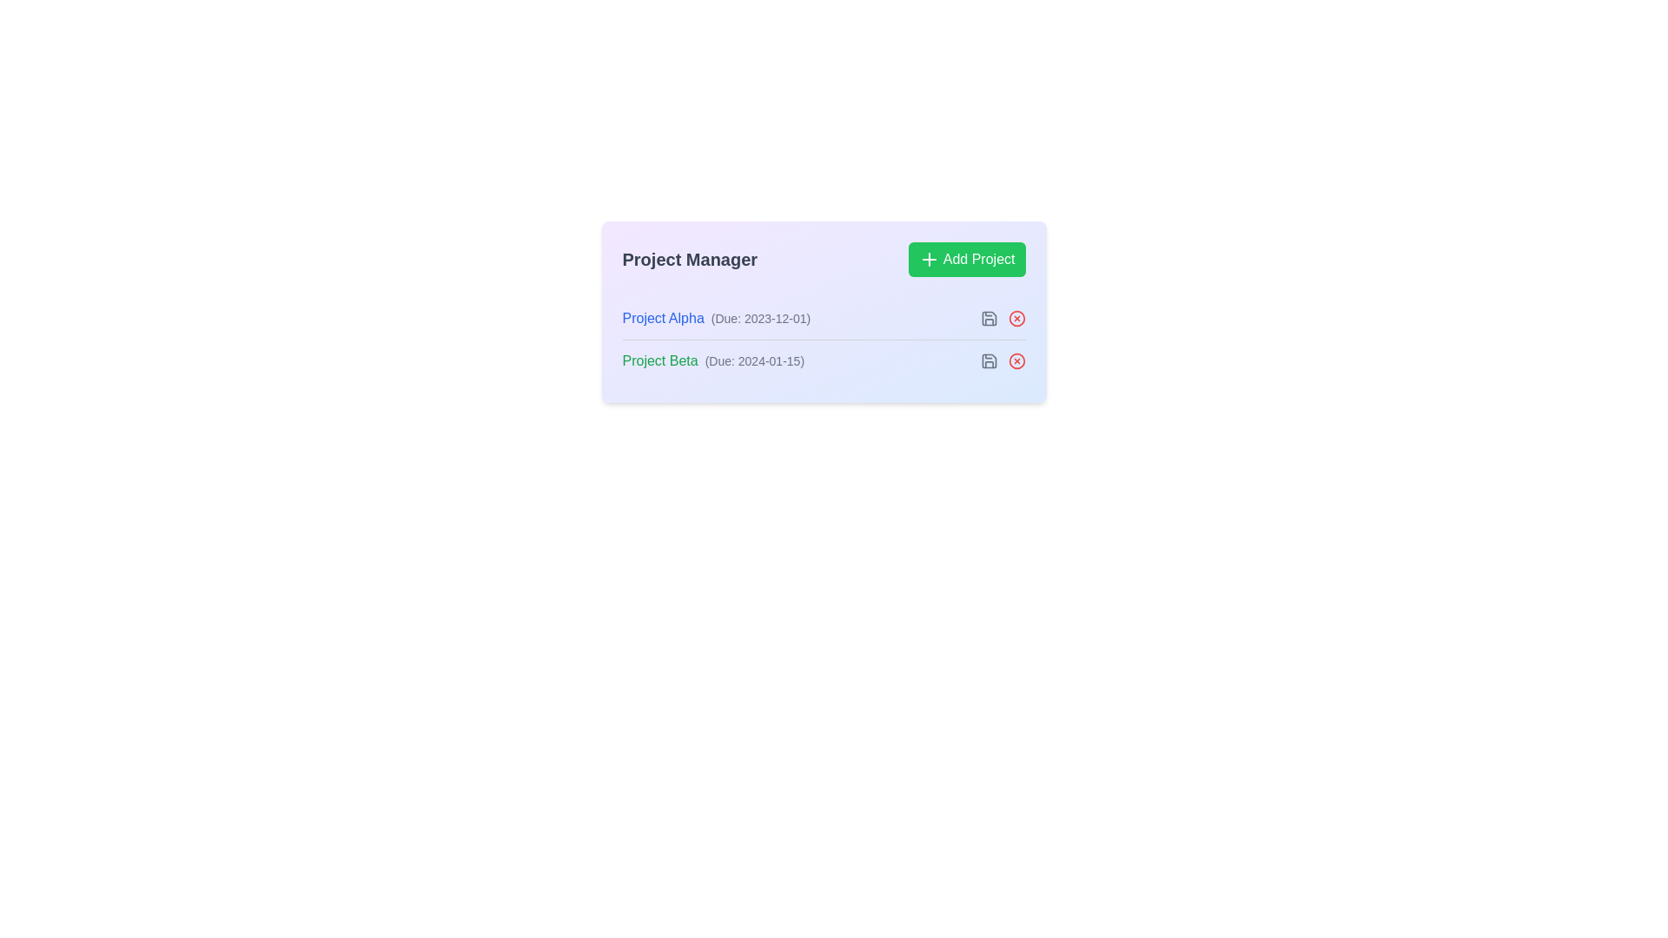  What do you see at coordinates (1016, 360) in the screenshot?
I see `the cancel or delete button located next to the 'Project Beta (Due: 2024-01-15)' row` at bounding box center [1016, 360].